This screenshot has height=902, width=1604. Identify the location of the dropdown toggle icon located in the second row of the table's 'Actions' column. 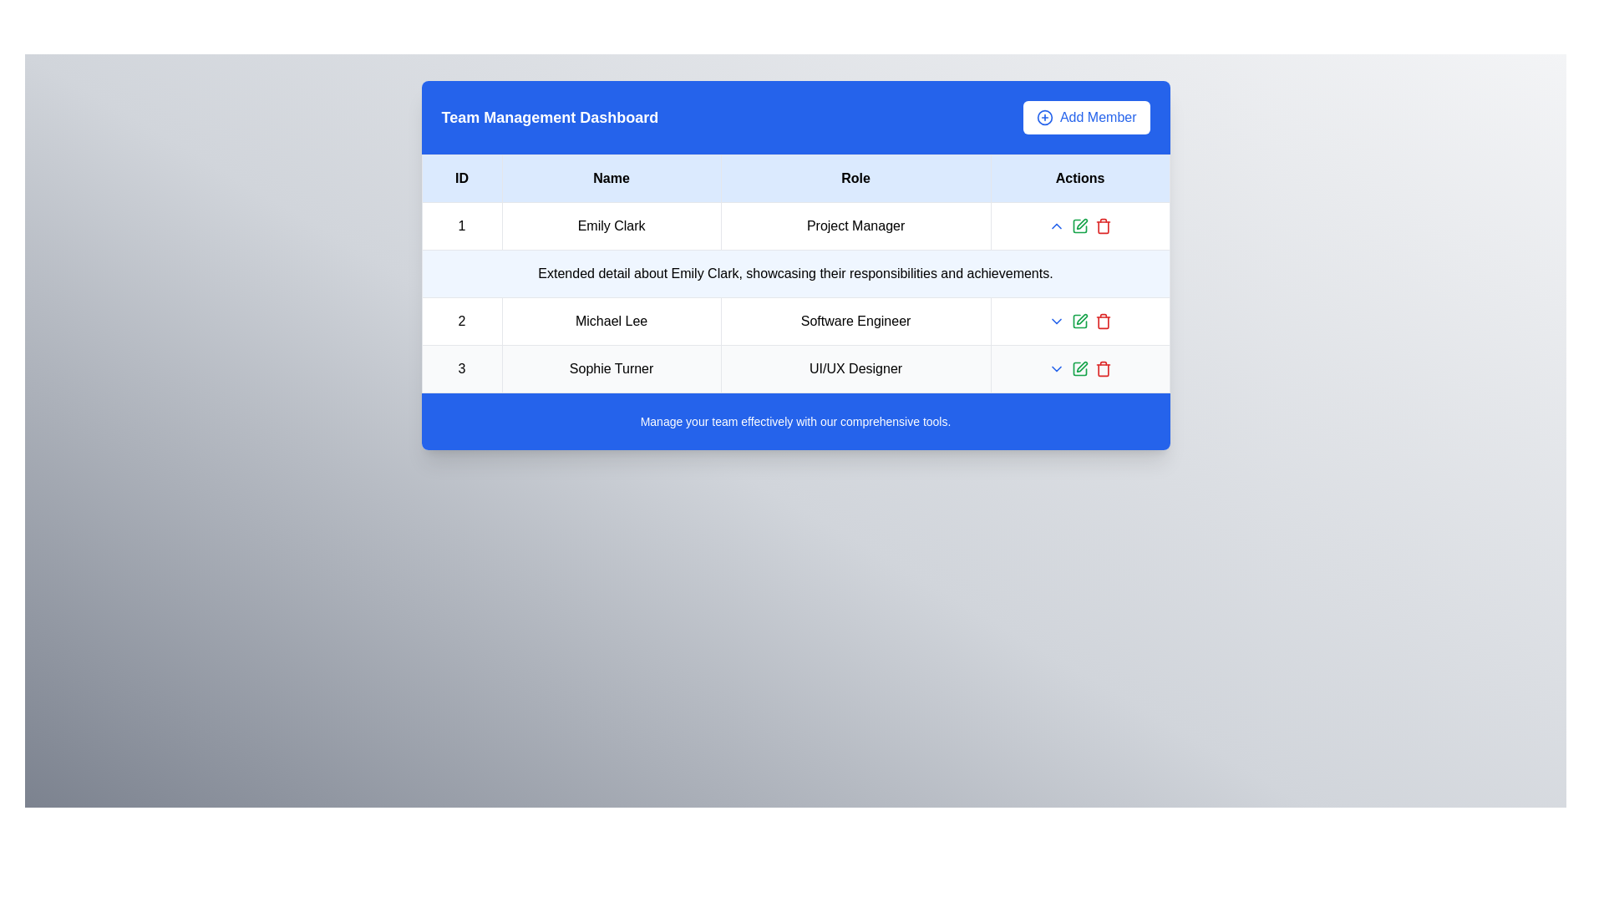
(1056, 322).